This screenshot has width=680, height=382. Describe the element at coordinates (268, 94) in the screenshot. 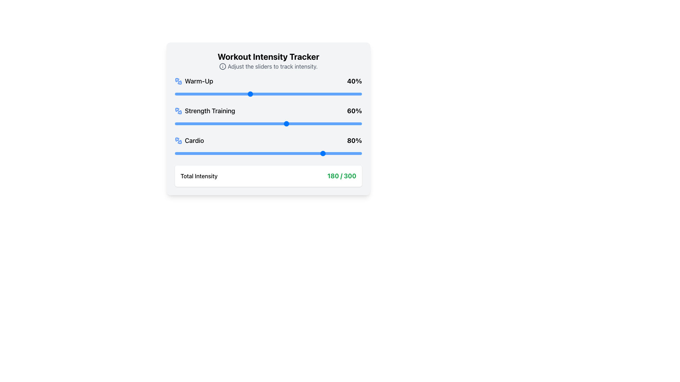

I see `the range slider input that adjusts the intensity level of the warm-up activity, located below the 'Warm-Up' label and '40%' text` at that location.